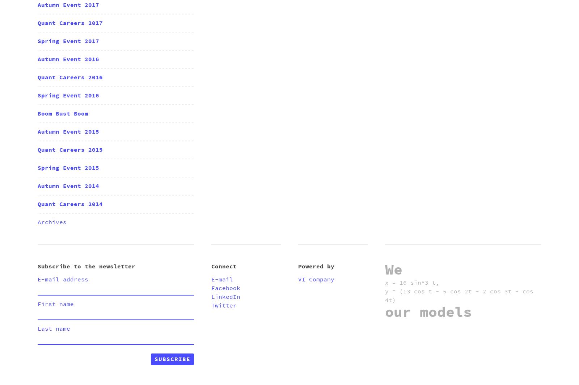 Image resolution: width=579 pixels, height=385 pixels. I want to click on 'Spring Event 2017', so click(68, 41).